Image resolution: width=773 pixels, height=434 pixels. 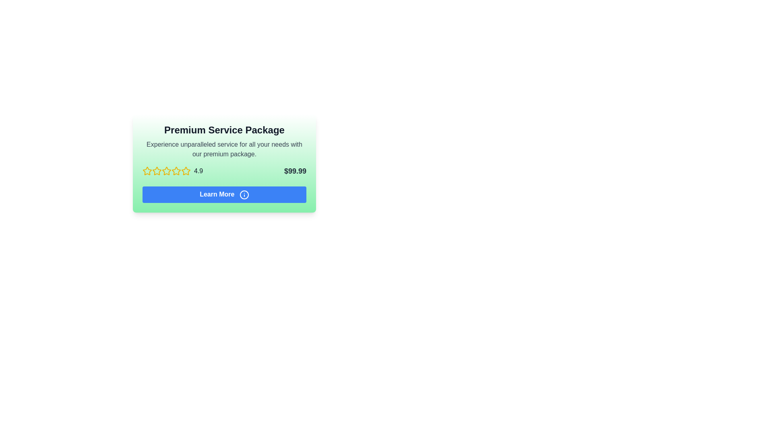 What do you see at coordinates (166, 170) in the screenshot?
I see `the fourth yellow outlined star icon in the rating system below the 'Premium Service Package' heading` at bounding box center [166, 170].